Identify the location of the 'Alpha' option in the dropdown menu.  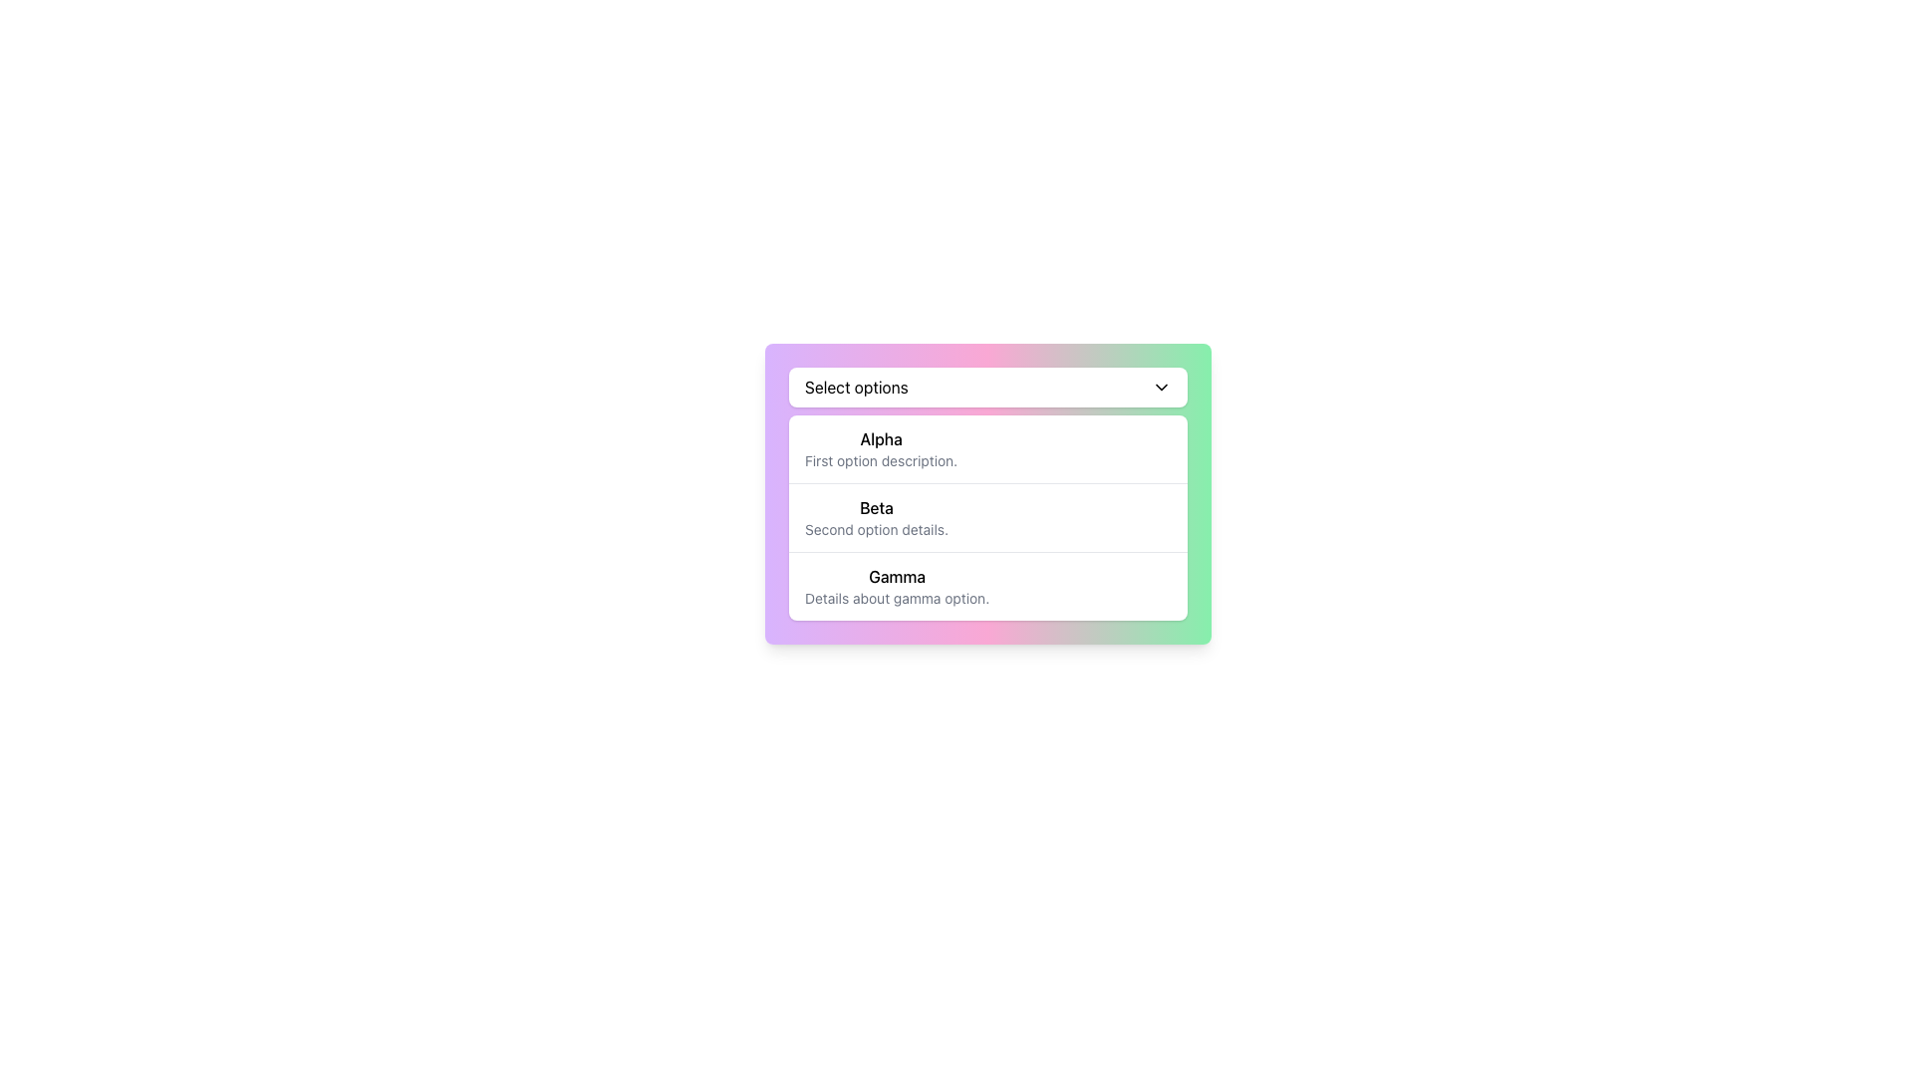
(988, 449).